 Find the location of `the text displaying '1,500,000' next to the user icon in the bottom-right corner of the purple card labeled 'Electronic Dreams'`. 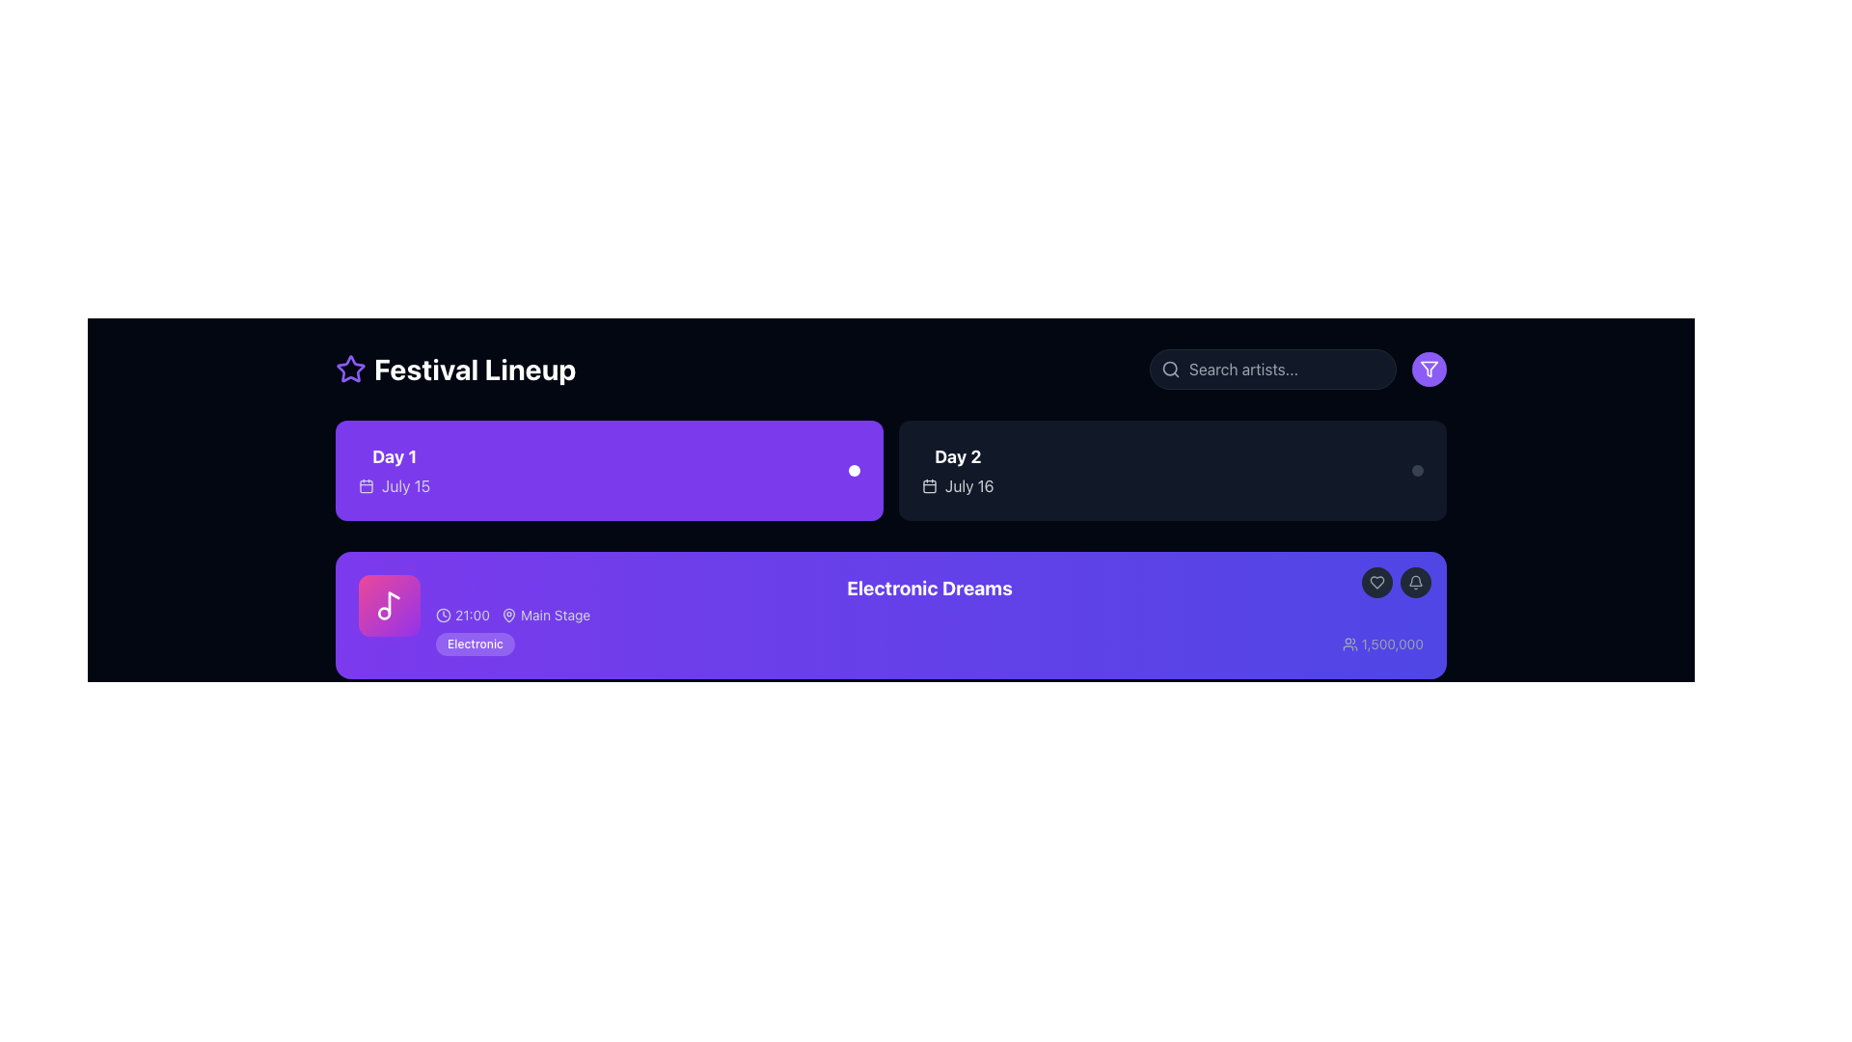

the text displaying '1,500,000' next to the user icon in the bottom-right corner of the purple card labeled 'Electronic Dreams' is located at coordinates (1381, 644).